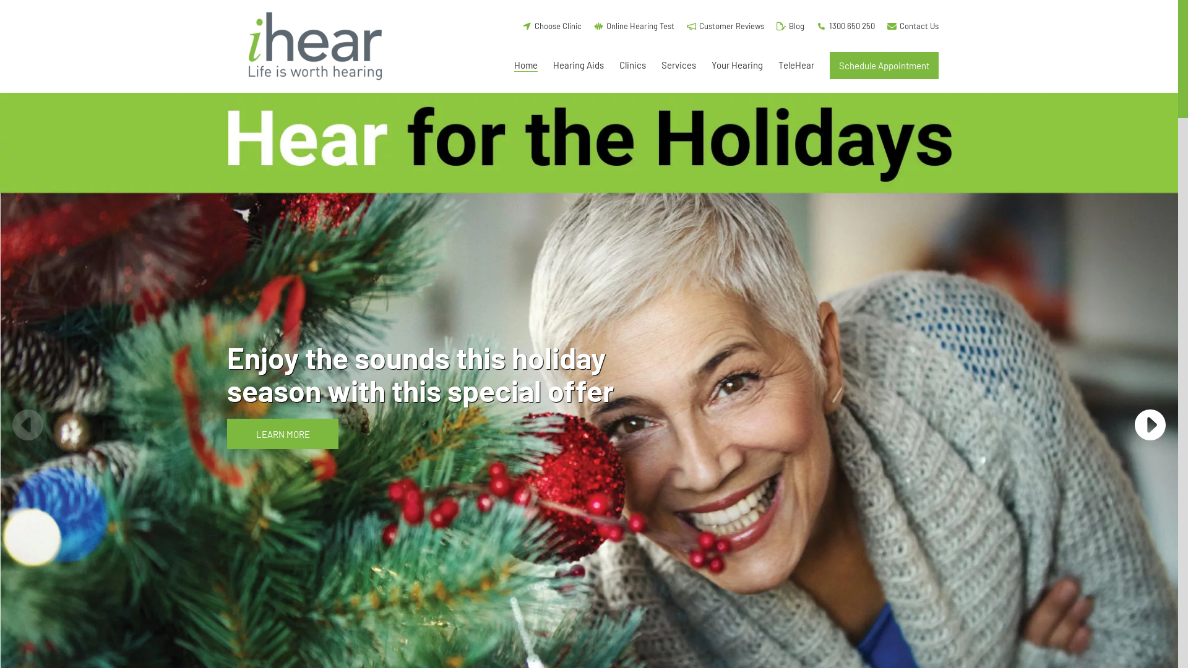 Image resolution: width=1188 pixels, height=668 pixels. What do you see at coordinates (725, 25) in the screenshot?
I see `'Customer Reviews'` at bounding box center [725, 25].